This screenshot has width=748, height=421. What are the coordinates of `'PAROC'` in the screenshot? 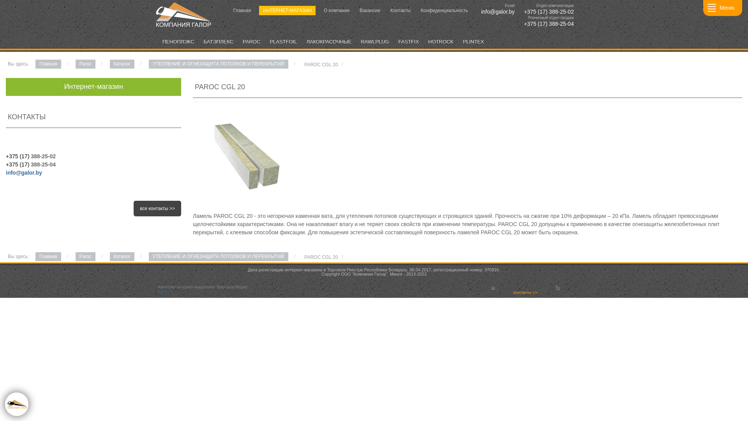 It's located at (239, 42).